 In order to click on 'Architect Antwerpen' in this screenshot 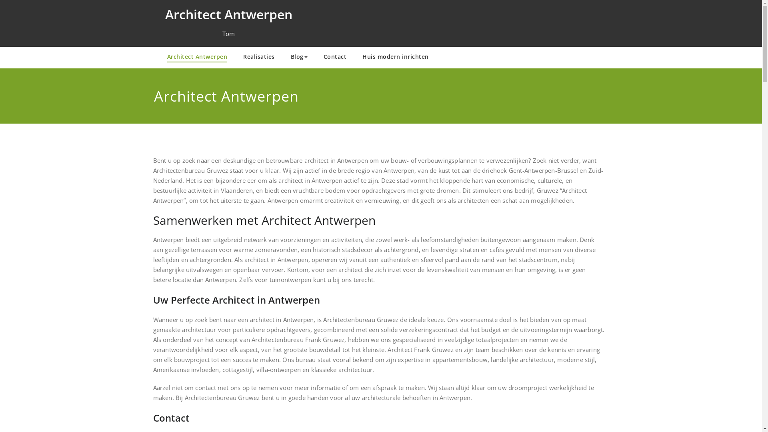, I will do `click(197, 57)`.